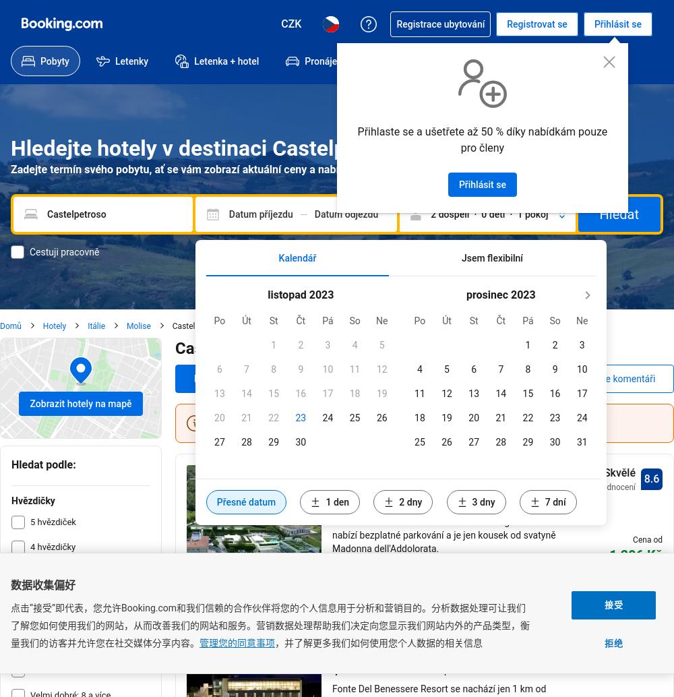 The width and height of the screenshot is (674, 697). Describe the element at coordinates (332, 472) in the screenshot. I see `'La Fonte dell'Astore'` at that location.